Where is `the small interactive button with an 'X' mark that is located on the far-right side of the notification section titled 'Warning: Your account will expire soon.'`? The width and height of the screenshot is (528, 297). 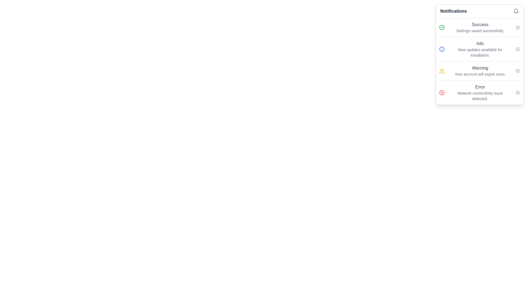 the small interactive button with an 'X' mark that is located on the far-right side of the notification section titled 'Warning: Your account will expire soon.' is located at coordinates (517, 71).